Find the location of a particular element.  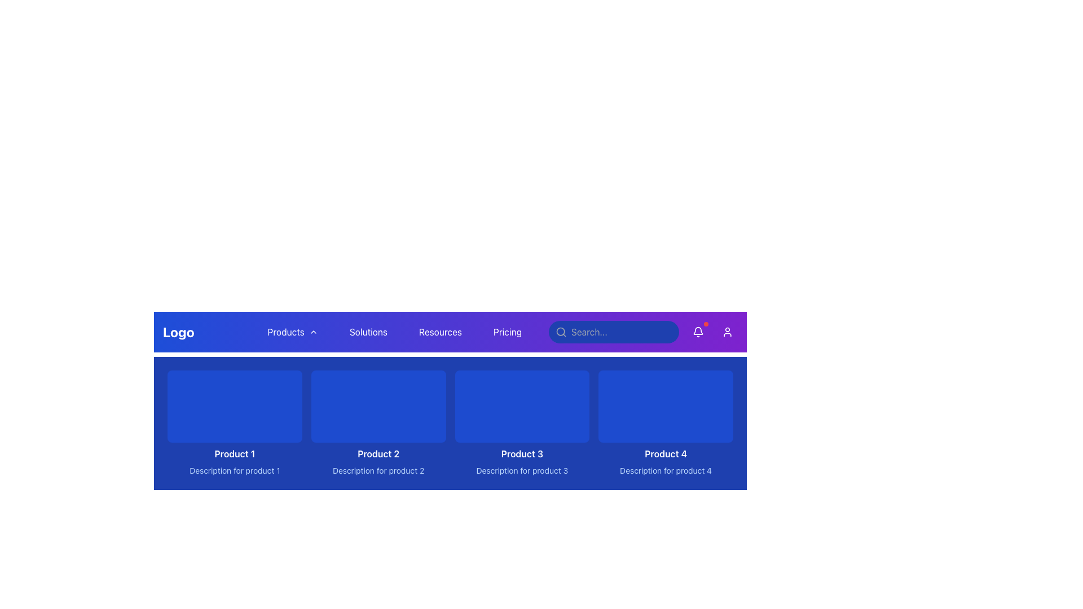

the logo or brand identifier located at the top-left corner of the header section, preceding navigation menu items like 'Products', 'Solutions', and 'Resources' is located at coordinates (178, 332).